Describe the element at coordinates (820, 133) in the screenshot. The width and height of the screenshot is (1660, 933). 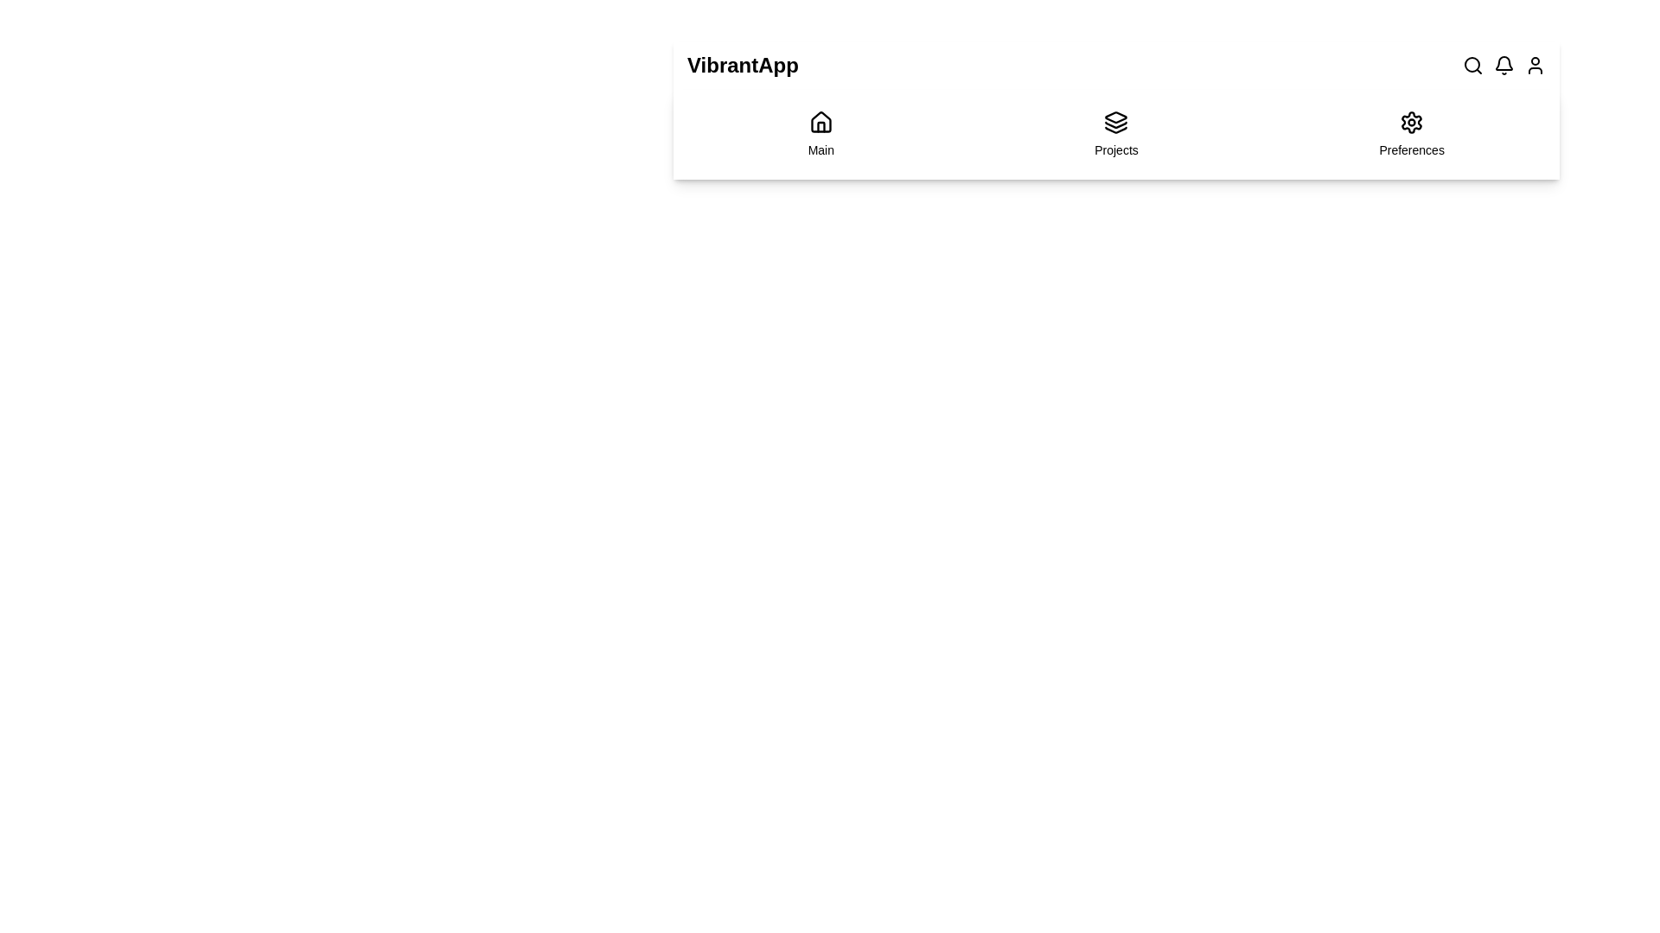
I see `the navigation item labeled Main` at that location.